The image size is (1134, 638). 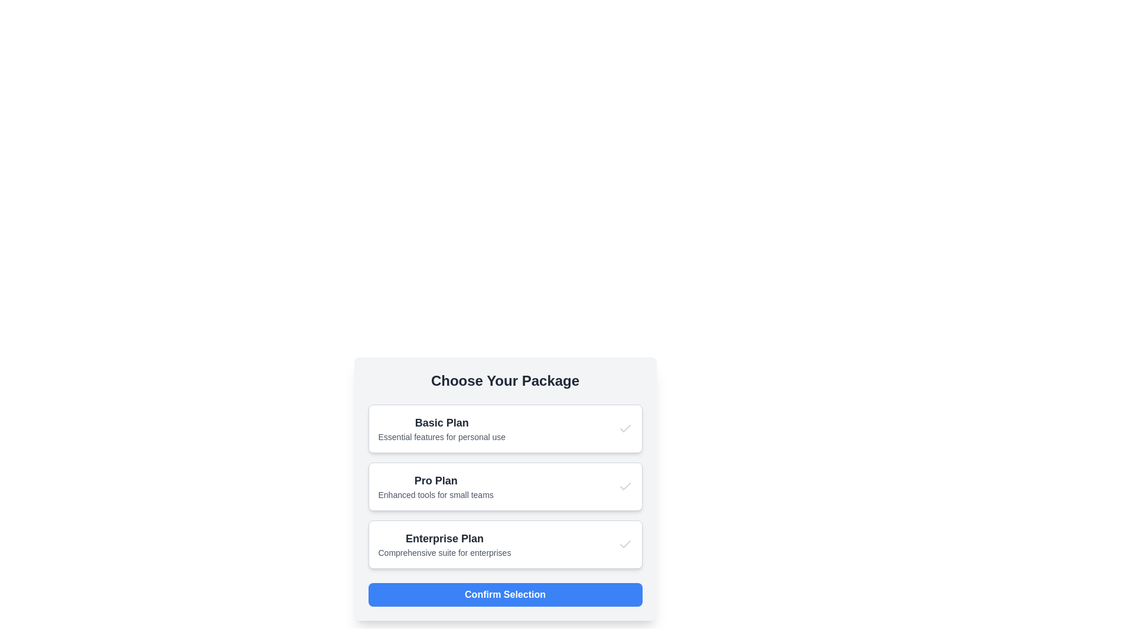 I want to click on the text label that describes the 'Basic Plan' option, which is located directly below the 'Basic Plan' heading in the card component, so click(x=441, y=437).